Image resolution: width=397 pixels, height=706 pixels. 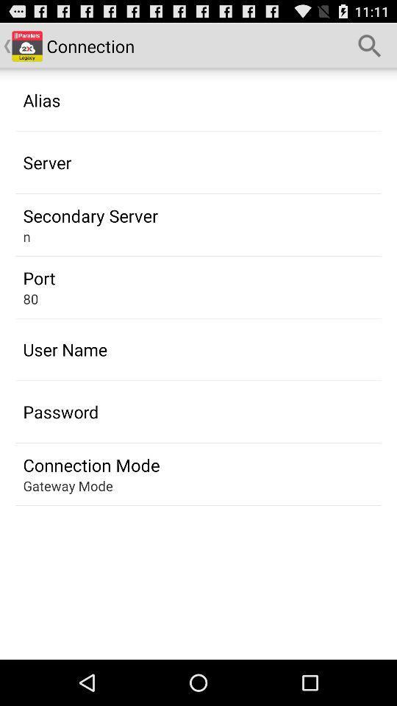 What do you see at coordinates (90, 215) in the screenshot?
I see `app below the server icon` at bounding box center [90, 215].